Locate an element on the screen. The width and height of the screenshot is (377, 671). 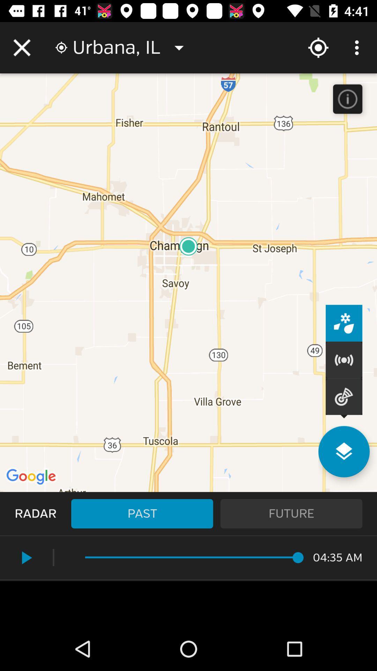
the layers icon is located at coordinates (343, 452).